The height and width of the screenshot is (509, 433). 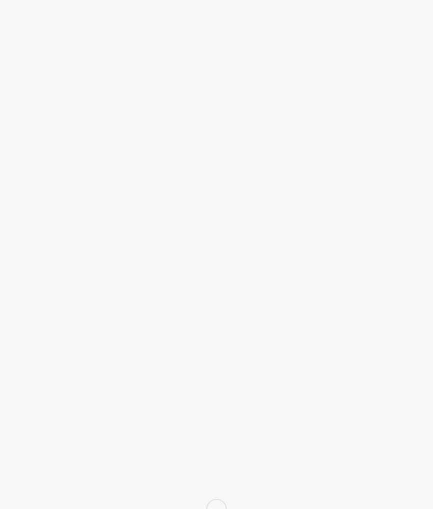 What do you see at coordinates (306, 314) in the screenshot?
I see `'Contacte'` at bounding box center [306, 314].